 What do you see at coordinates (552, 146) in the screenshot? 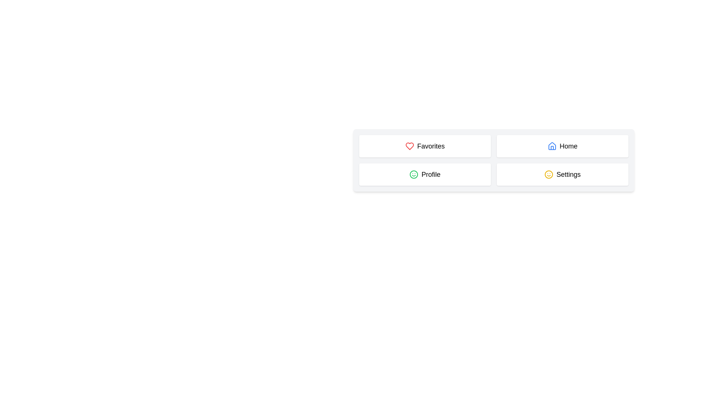
I see `the outer geometric shape of the house icon in the blue-themed section, which represents the 'Home' button located in the upper-right quadrant of the grid layout` at bounding box center [552, 146].